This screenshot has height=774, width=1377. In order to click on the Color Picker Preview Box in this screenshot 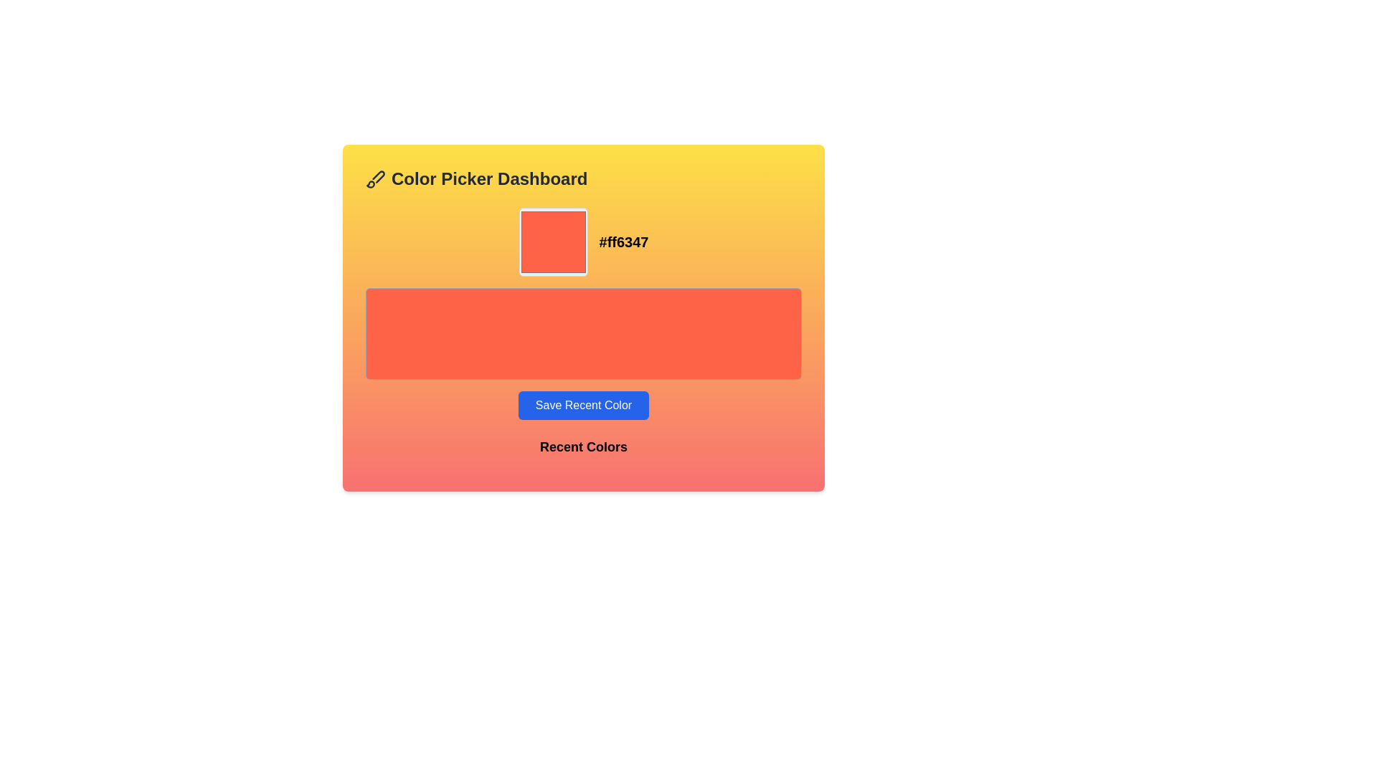, I will do `click(552, 242)`.